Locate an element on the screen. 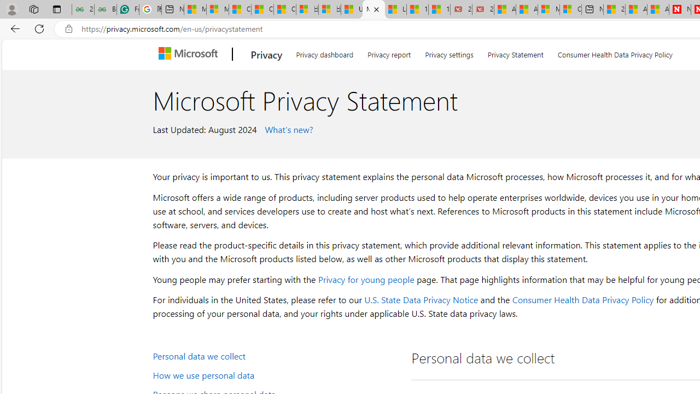  'Privacy report' is located at coordinates (389, 53).